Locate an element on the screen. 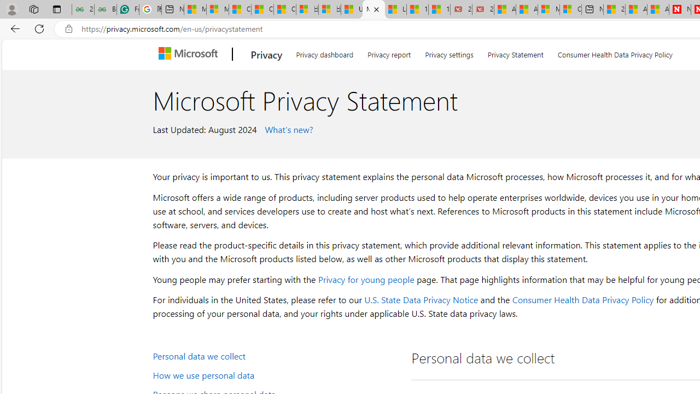  'Privacy report' is located at coordinates (389, 53).